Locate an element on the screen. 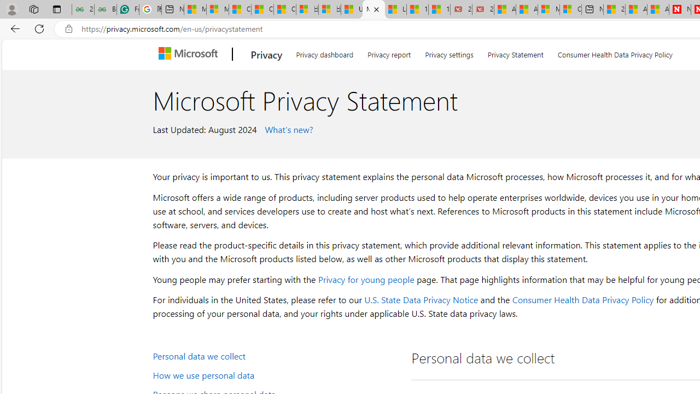  'Privacy report' is located at coordinates (389, 53).